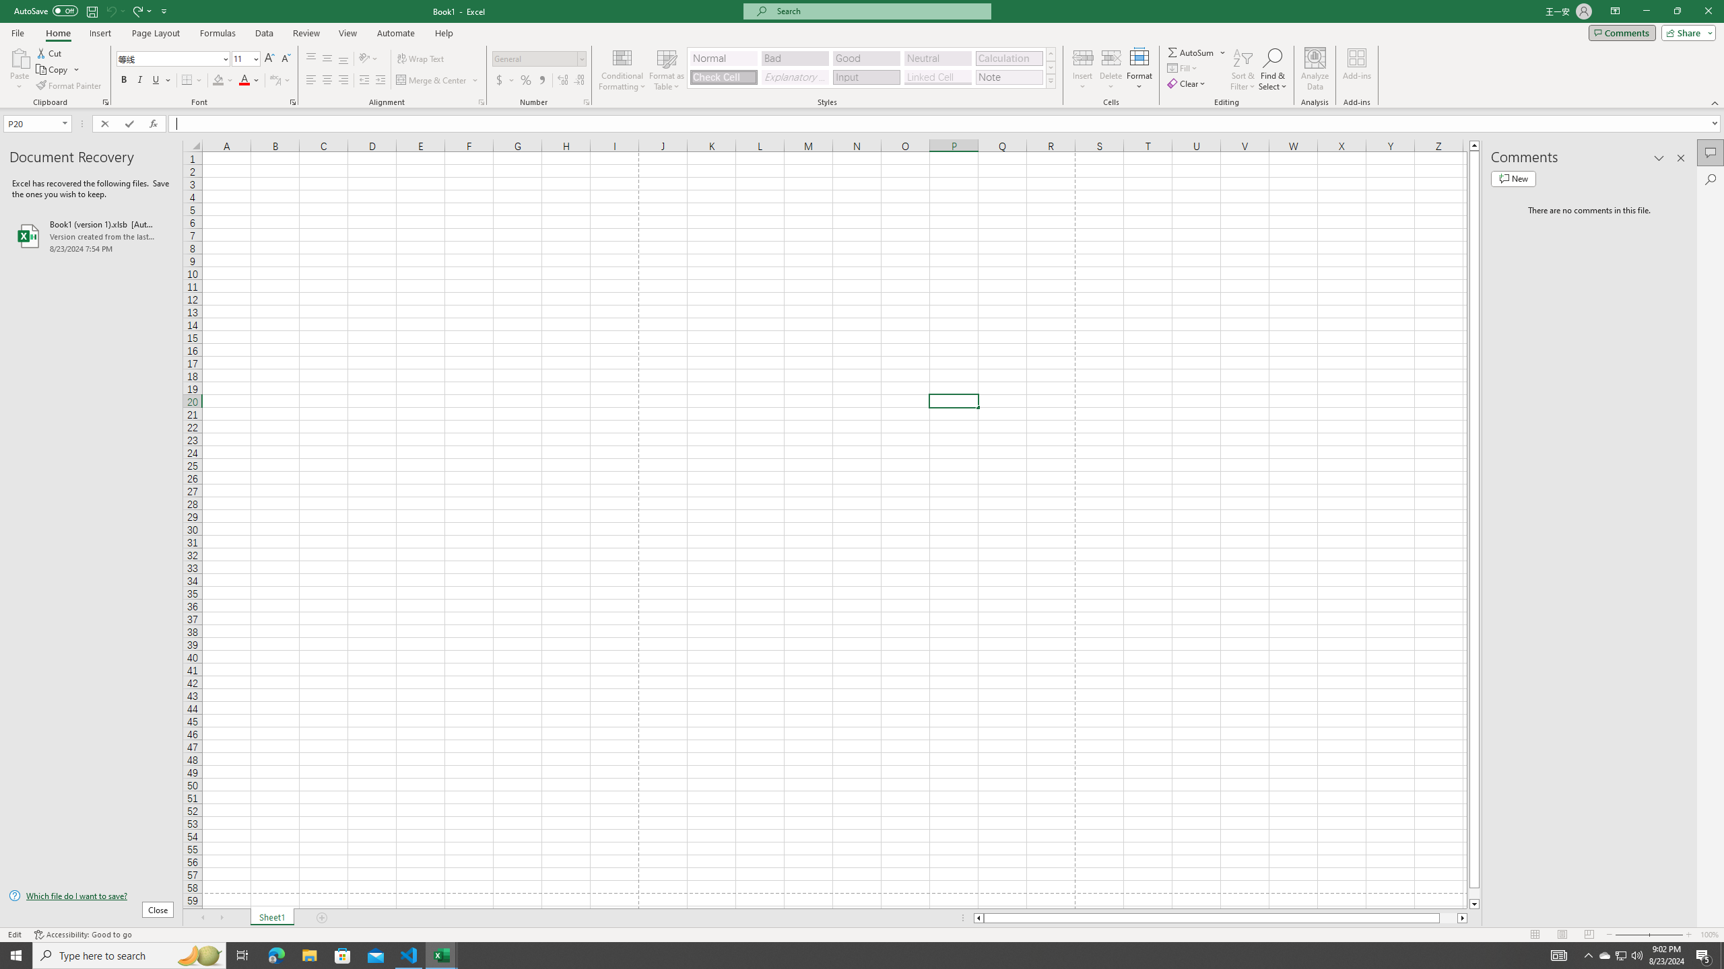 The width and height of the screenshot is (1724, 969). Describe the element at coordinates (1242, 69) in the screenshot. I see `'Sort & Filter'` at that location.